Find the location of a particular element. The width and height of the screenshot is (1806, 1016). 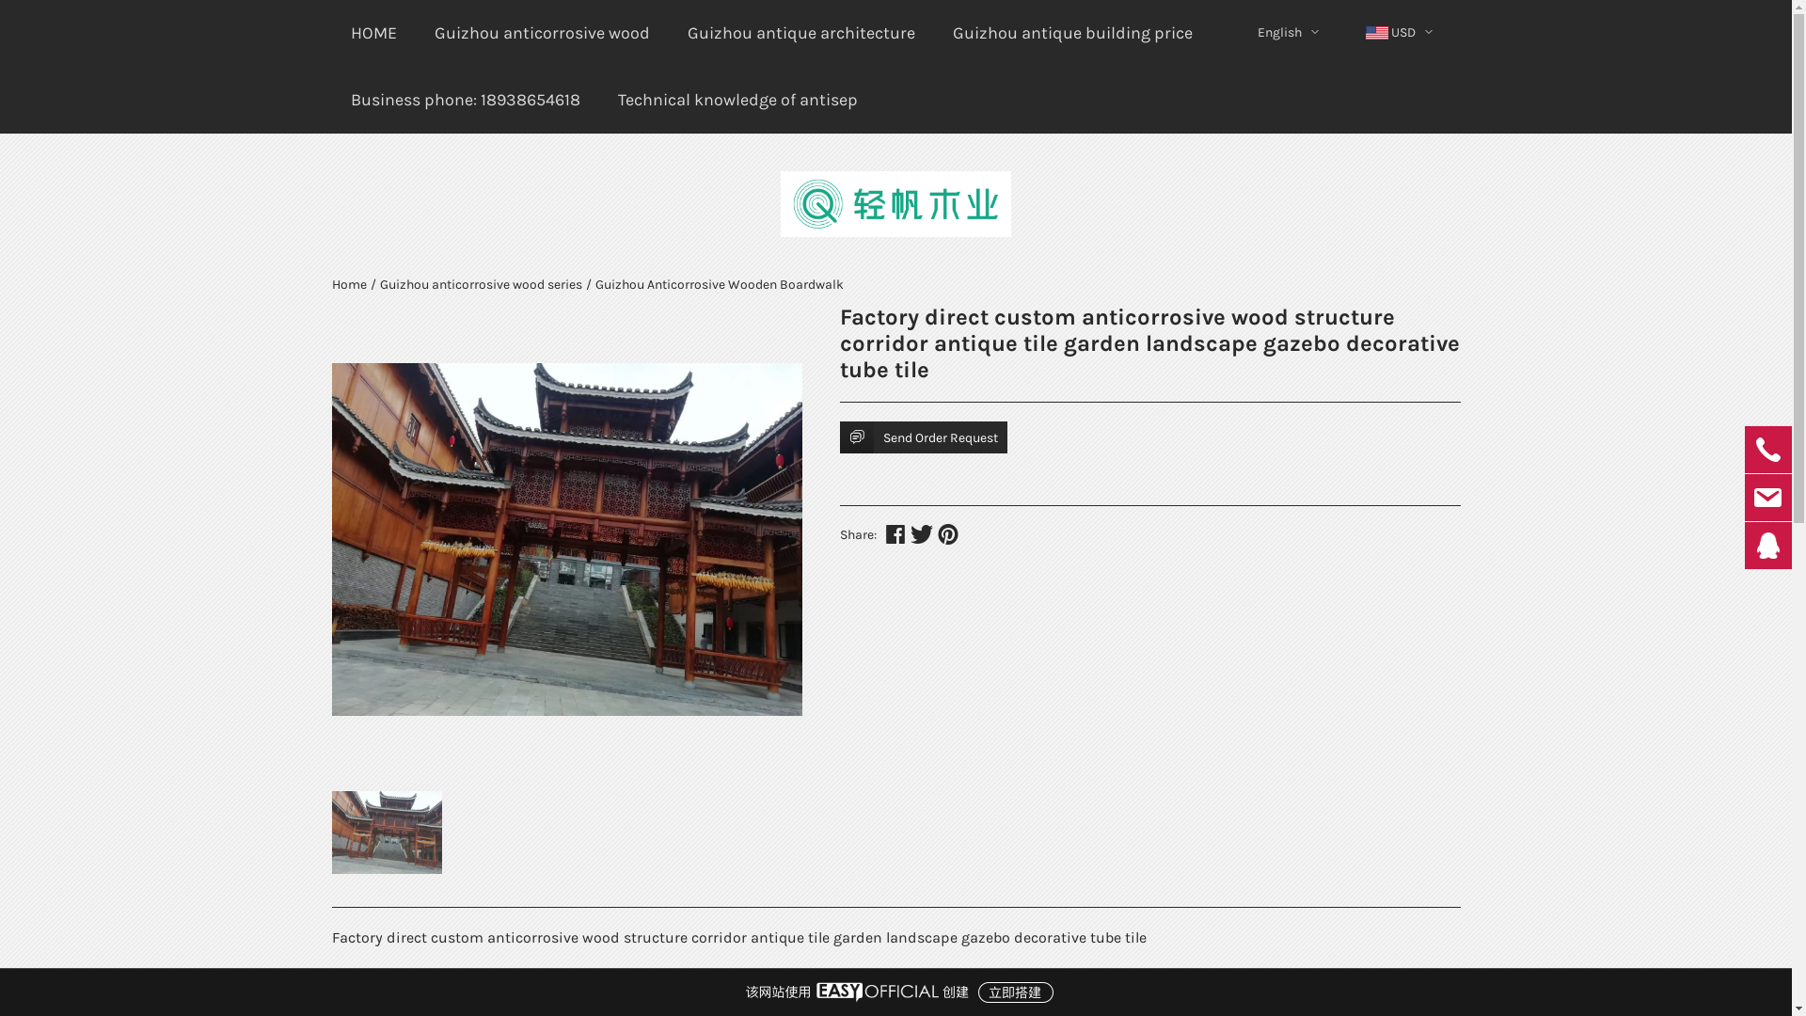

'Home' is located at coordinates (348, 284).